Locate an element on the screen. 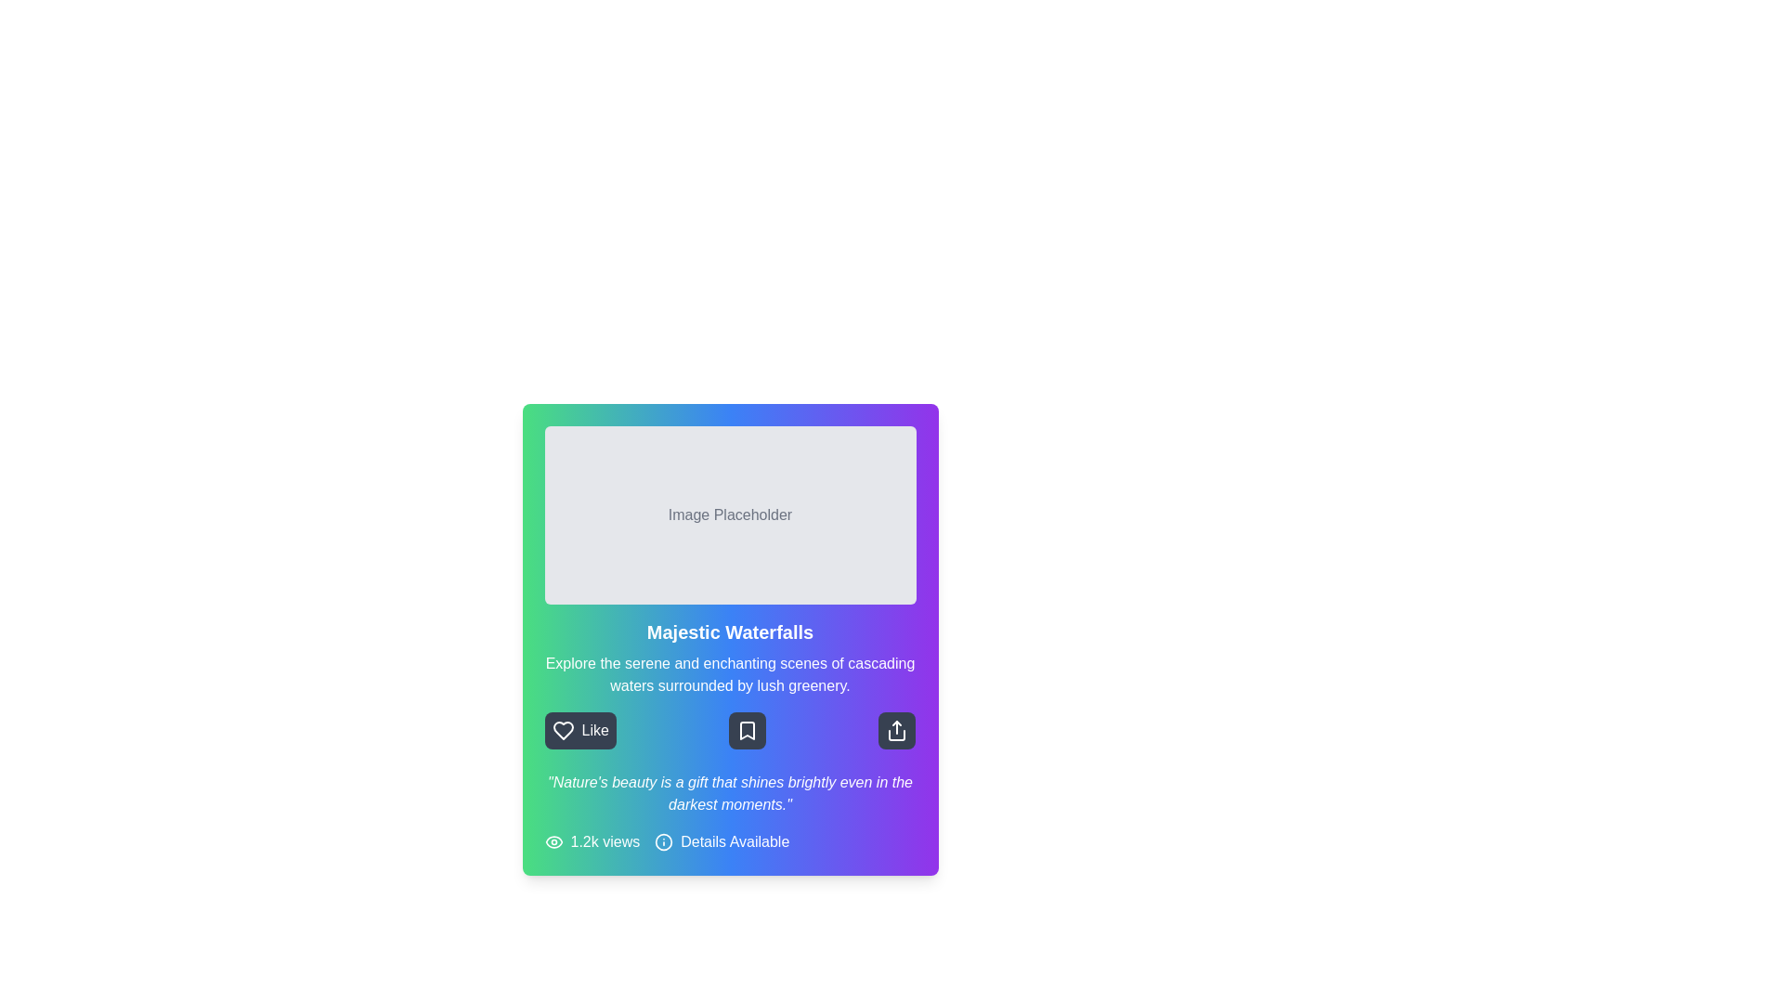  the heart icon element within the 'Like' button is located at coordinates (562, 729).